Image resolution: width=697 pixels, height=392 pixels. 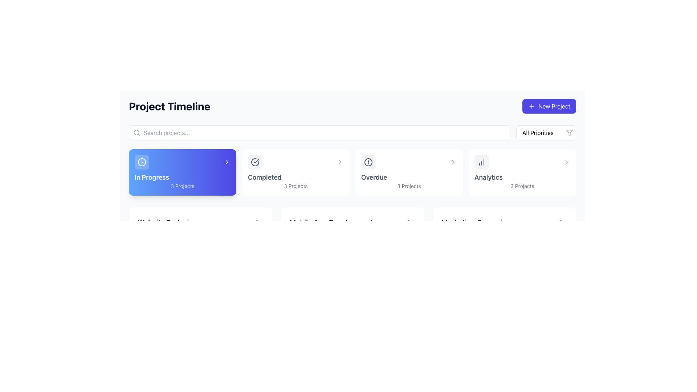 I want to click on the circular clock icon located in the top-left corner of the 'In Progress' card for additional information, so click(x=142, y=162).